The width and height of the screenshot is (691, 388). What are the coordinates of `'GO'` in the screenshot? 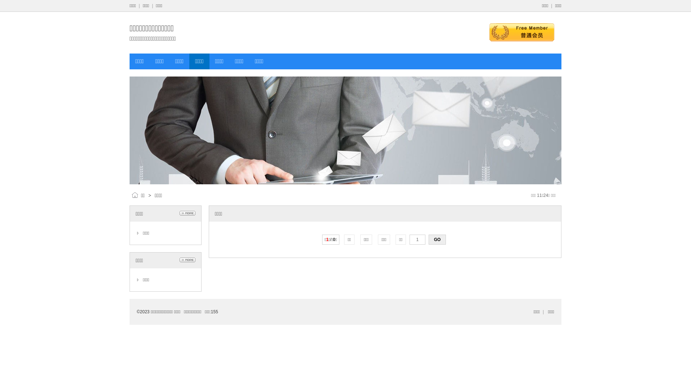 It's located at (437, 240).